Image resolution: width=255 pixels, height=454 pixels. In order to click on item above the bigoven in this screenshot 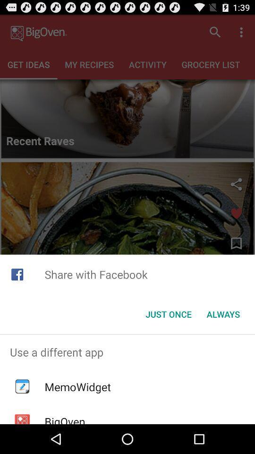, I will do `click(77, 387)`.